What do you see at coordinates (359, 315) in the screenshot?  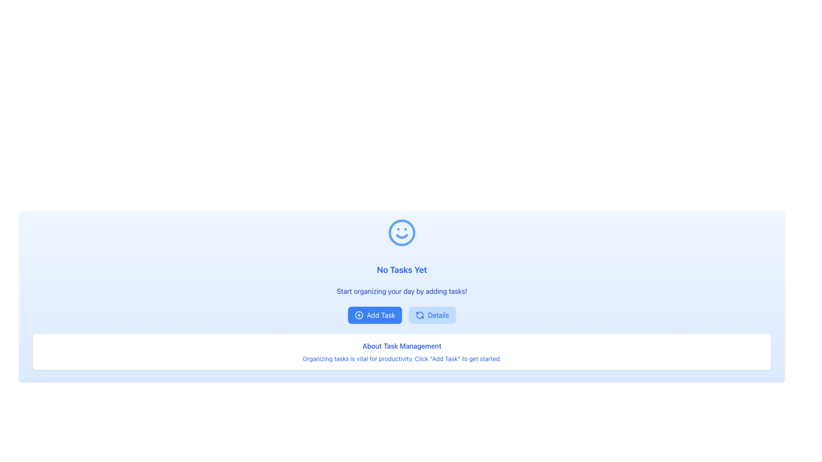 I see `the task addition icon located leftward of the 'Add Task' button text in the center-left area of the interface` at bounding box center [359, 315].